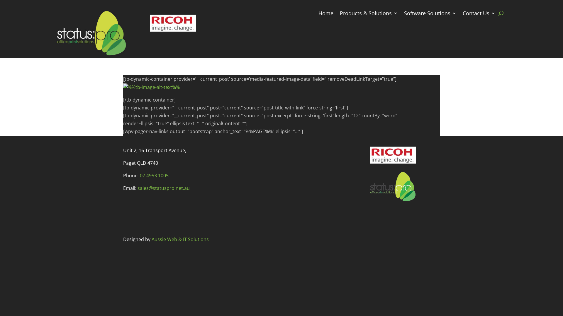  Describe the element at coordinates (393, 186) in the screenshot. I see `'statuspro'` at that location.